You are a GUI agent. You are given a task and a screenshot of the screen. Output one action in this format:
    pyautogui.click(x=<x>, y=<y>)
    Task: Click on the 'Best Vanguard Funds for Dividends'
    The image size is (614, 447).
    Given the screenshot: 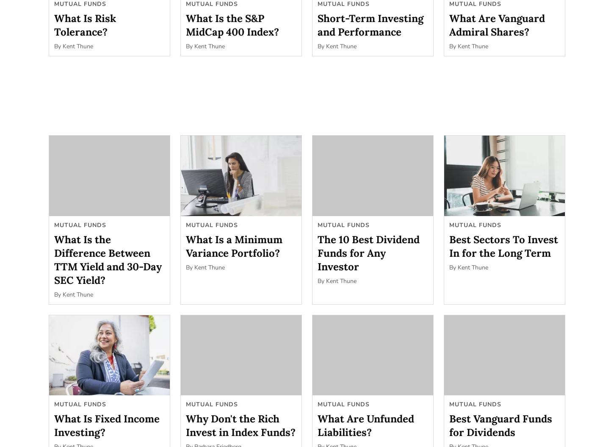 What is the action you would take?
    pyautogui.click(x=500, y=425)
    